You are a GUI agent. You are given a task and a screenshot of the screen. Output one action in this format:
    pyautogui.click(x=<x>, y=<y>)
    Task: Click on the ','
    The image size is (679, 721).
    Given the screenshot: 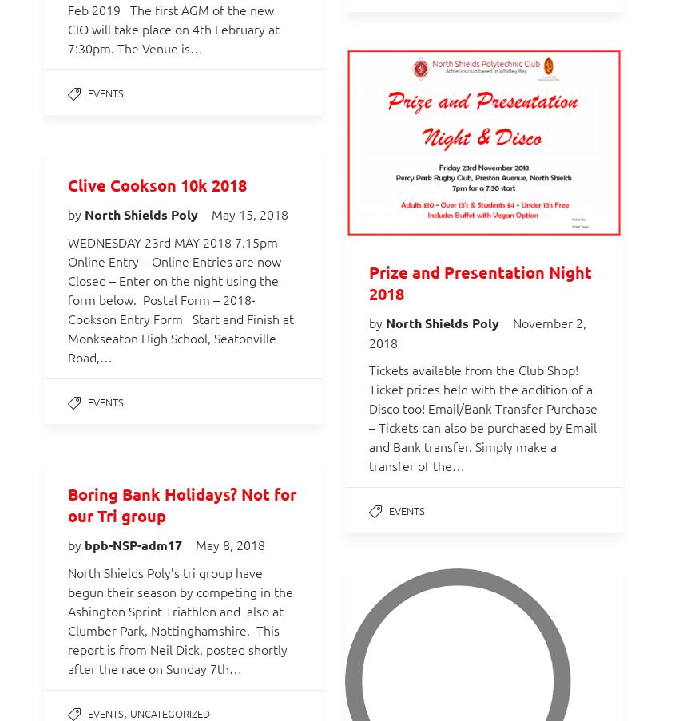 What is the action you would take?
    pyautogui.click(x=127, y=711)
    